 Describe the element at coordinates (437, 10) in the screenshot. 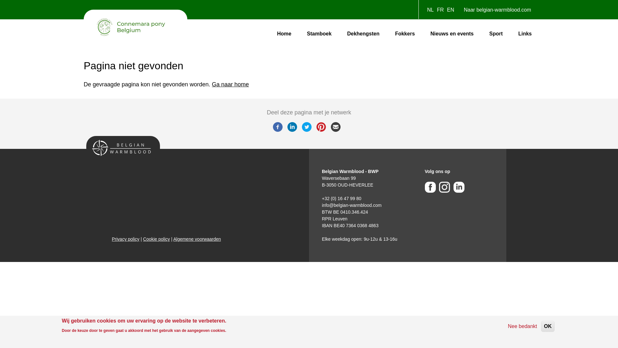

I see `'FR'` at that location.